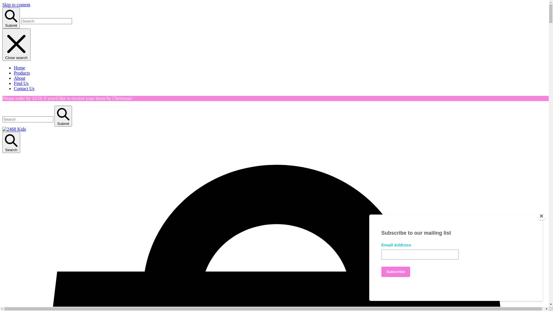 The image size is (553, 311). I want to click on 'Submit', so click(63, 116).